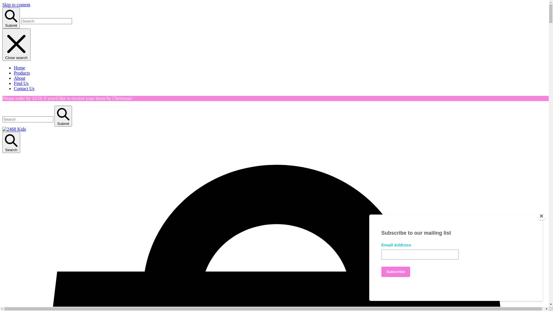 The image size is (553, 311). I want to click on 'Submit', so click(63, 116).